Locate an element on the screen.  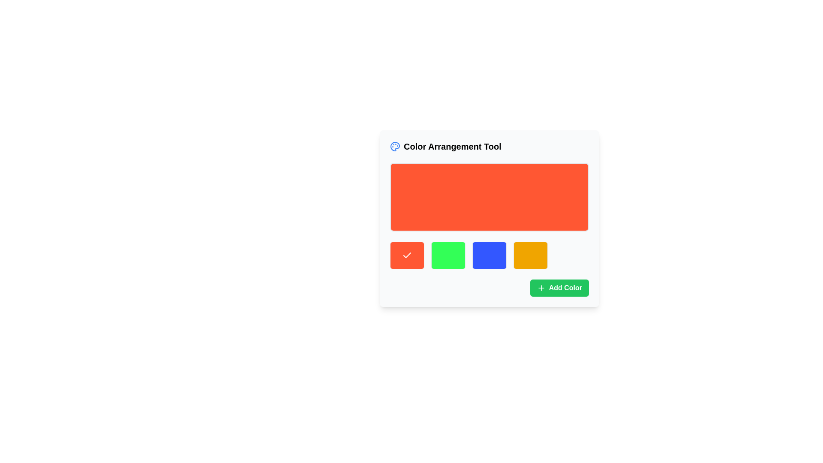
the decorative icon representing the 'Color Arrangement Tool' located at the leftmost side of the header component is located at coordinates (394, 146).